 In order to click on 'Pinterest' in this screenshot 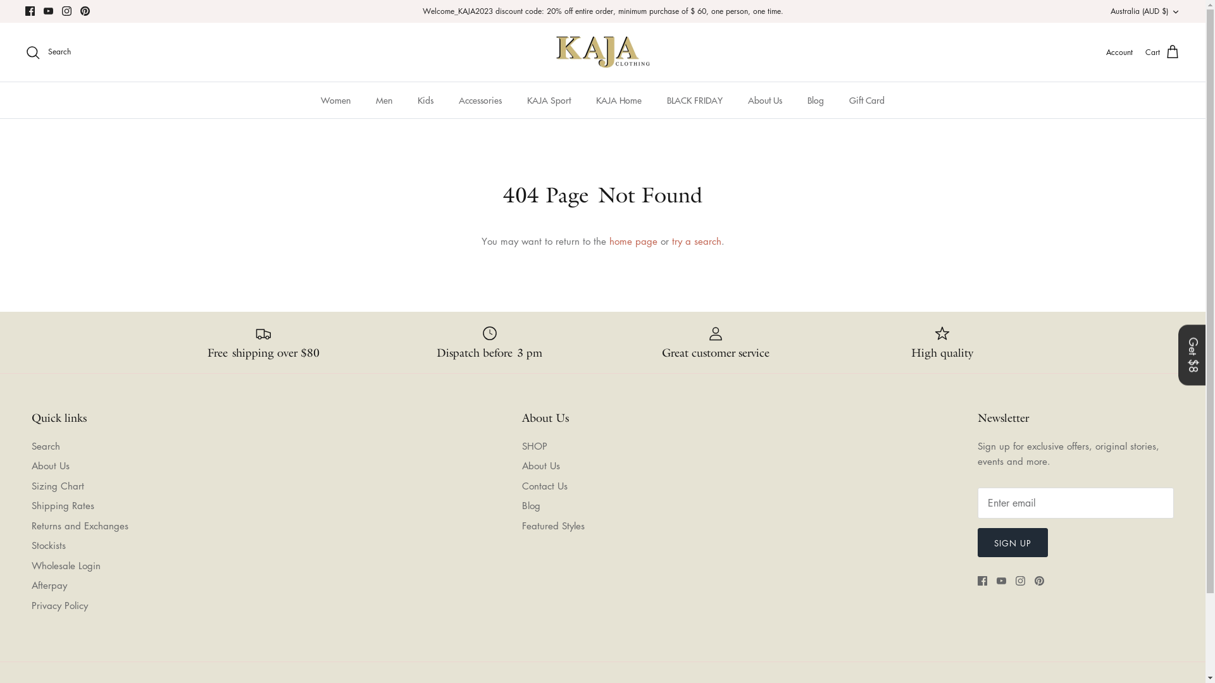, I will do `click(1039, 581)`.